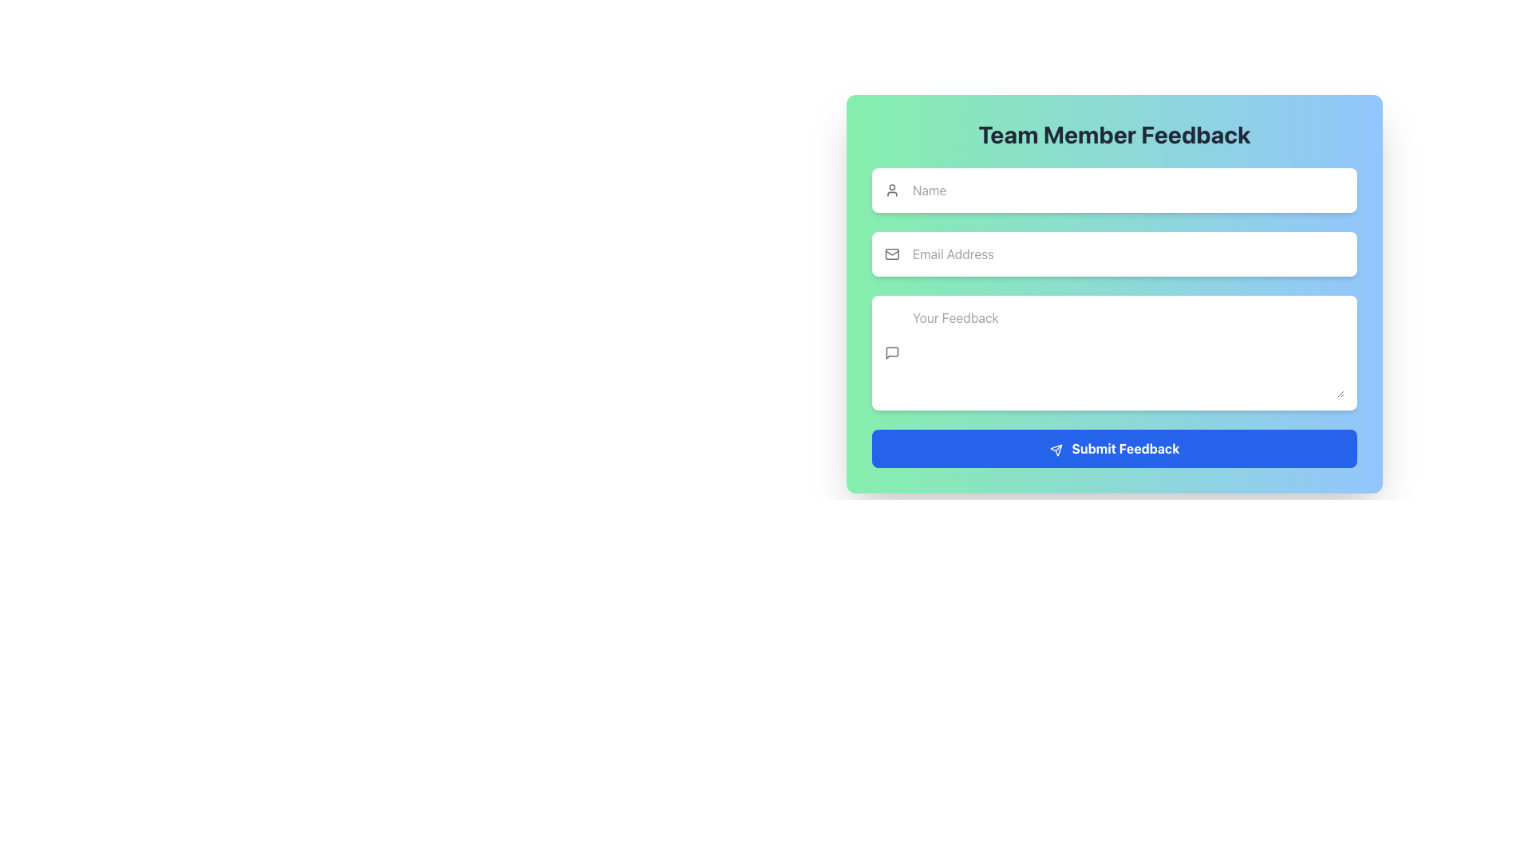 This screenshot has width=1532, height=861. I want to click on the blue 'Submit Feedback' button located at the bottom of the feedback form, so click(1113, 449).